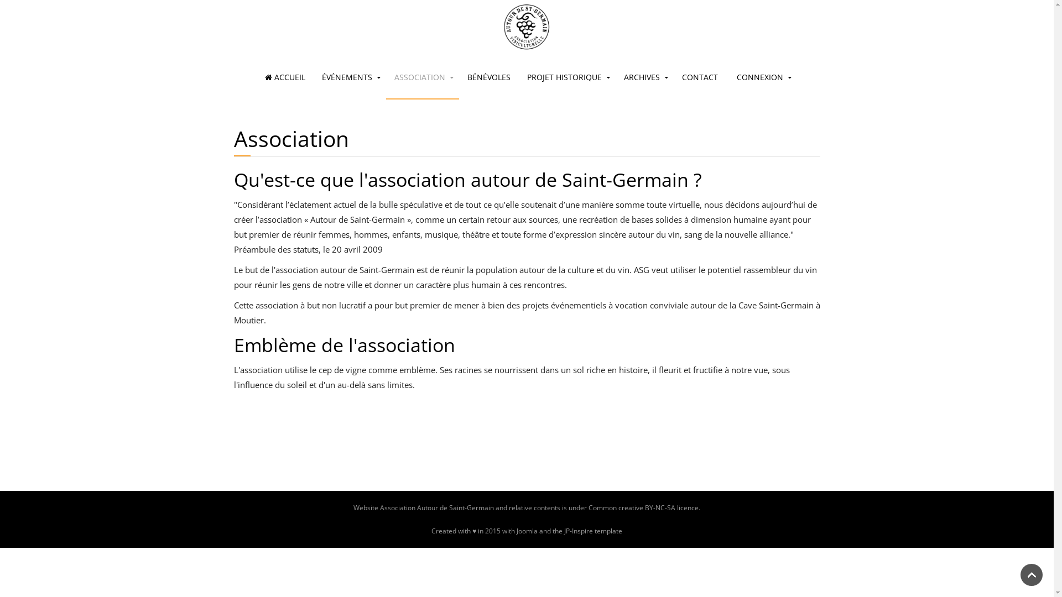 Image resolution: width=1062 pixels, height=597 pixels. Describe the element at coordinates (567, 76) in the screenshot. I see `'PROJET HISTORIQUE'` at that location.